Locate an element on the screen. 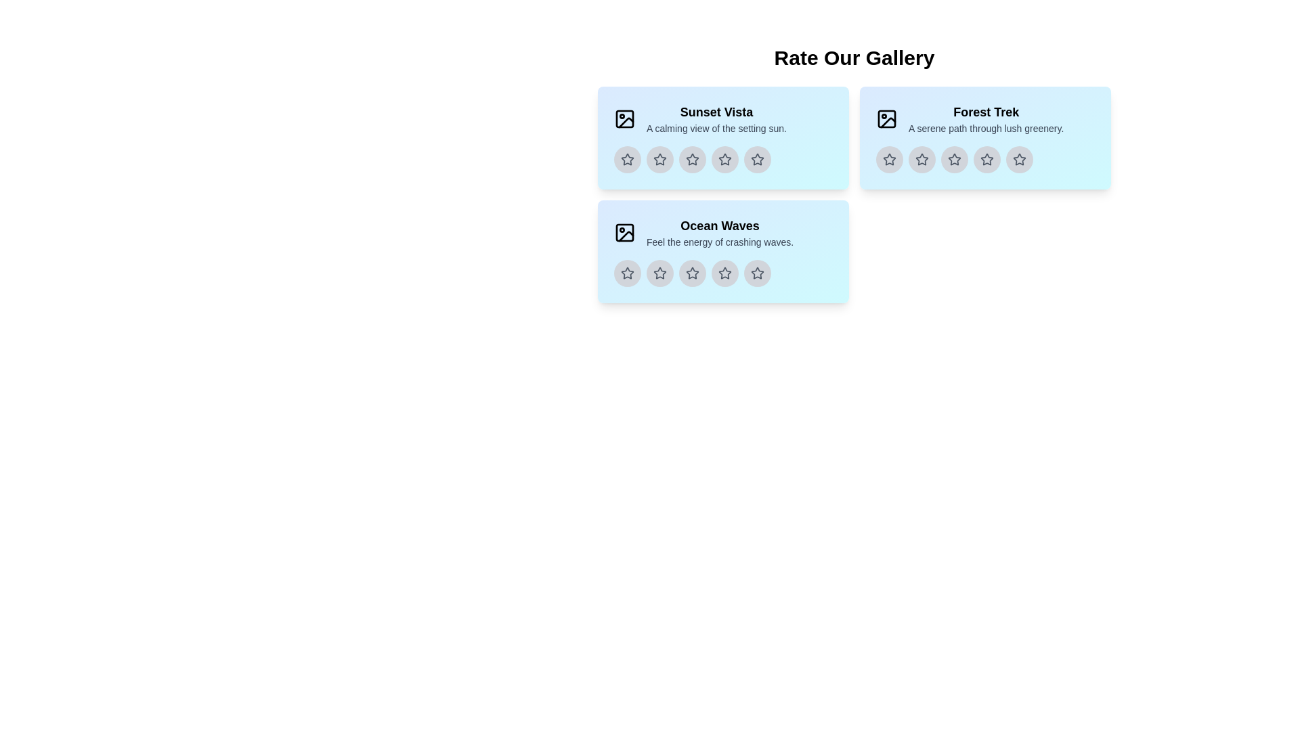  the fourth star icon in the rating section of the 'Ocean Waves' card is located at coordinates (724, 273).